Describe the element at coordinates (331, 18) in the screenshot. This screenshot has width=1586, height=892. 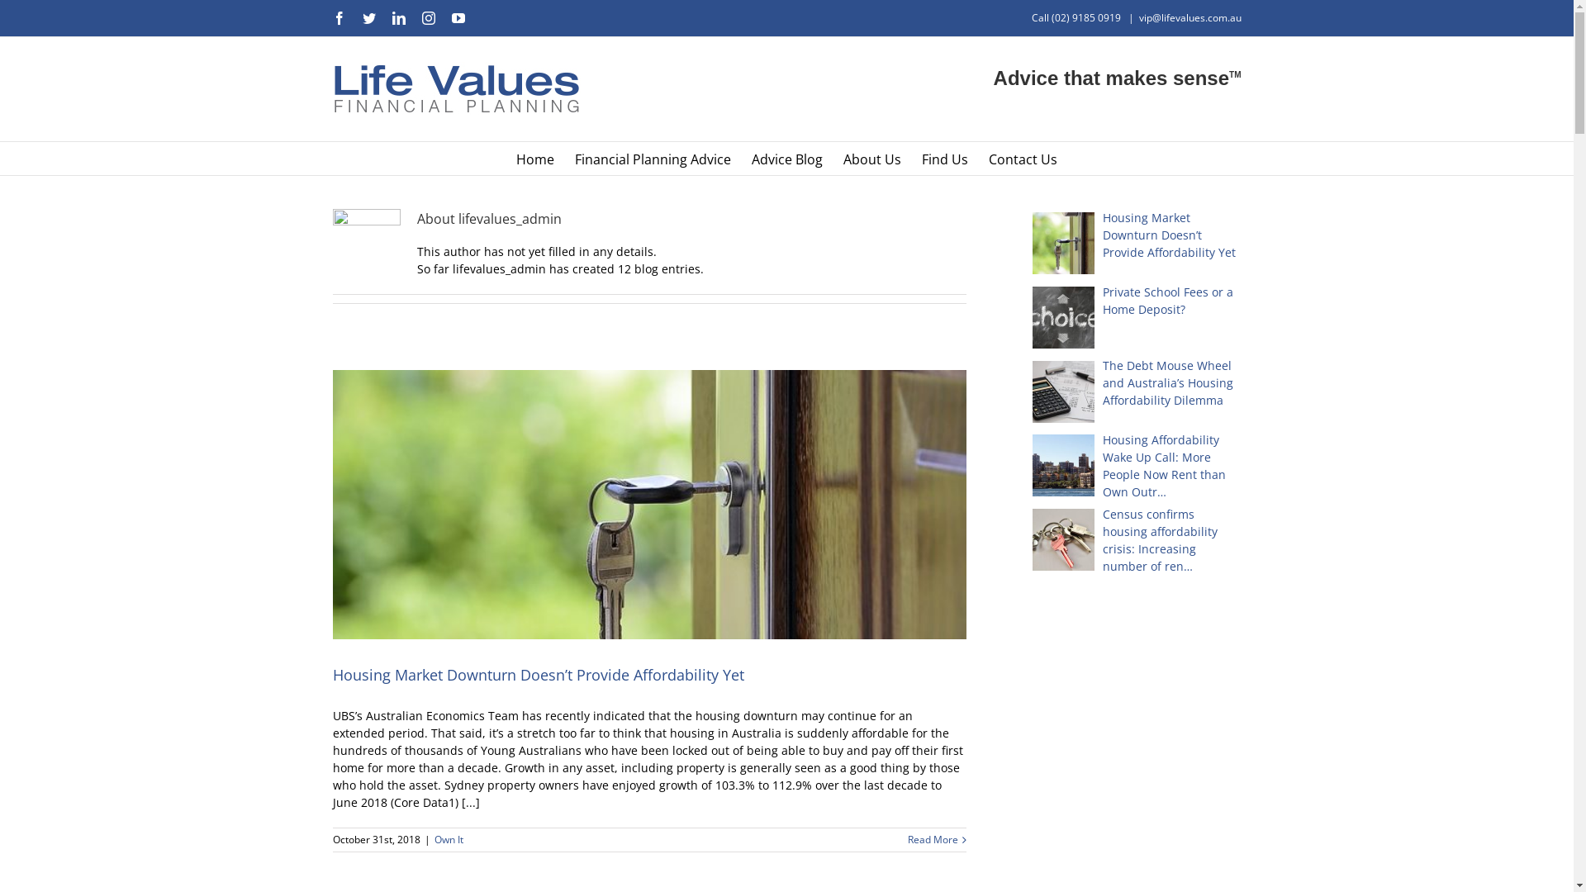
I see `'Facebook'` at that location.